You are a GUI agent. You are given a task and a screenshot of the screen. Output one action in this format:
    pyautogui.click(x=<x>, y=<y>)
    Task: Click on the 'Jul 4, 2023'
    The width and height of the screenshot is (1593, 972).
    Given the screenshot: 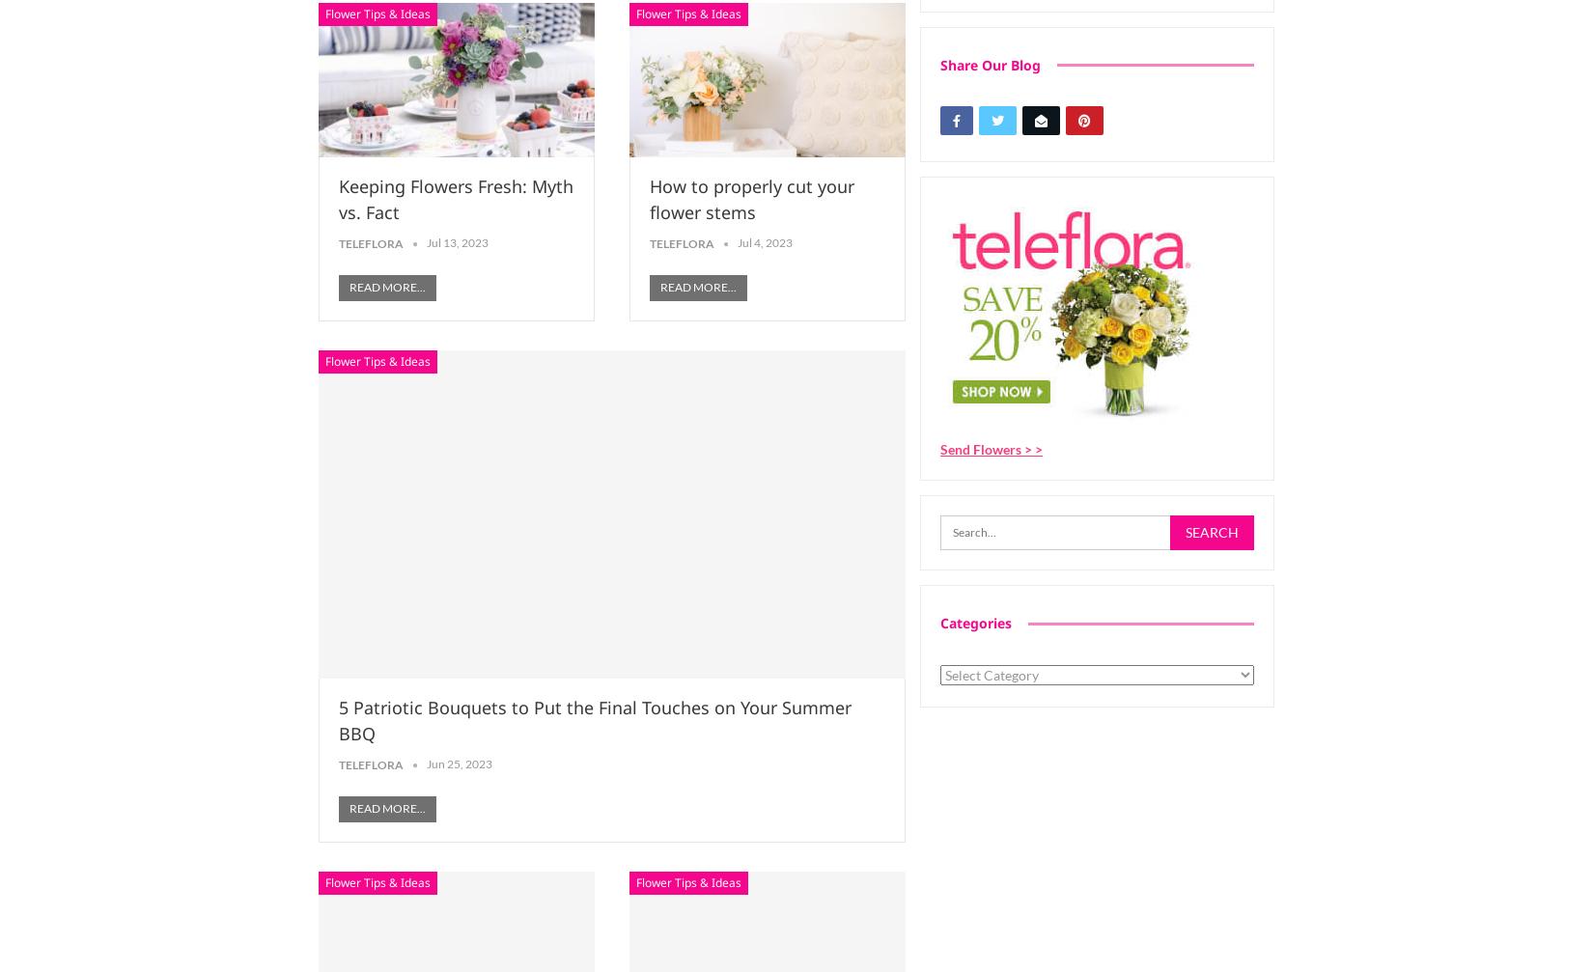 What is the action you would take?
    pyautogui.click(x=764, y=242)
    